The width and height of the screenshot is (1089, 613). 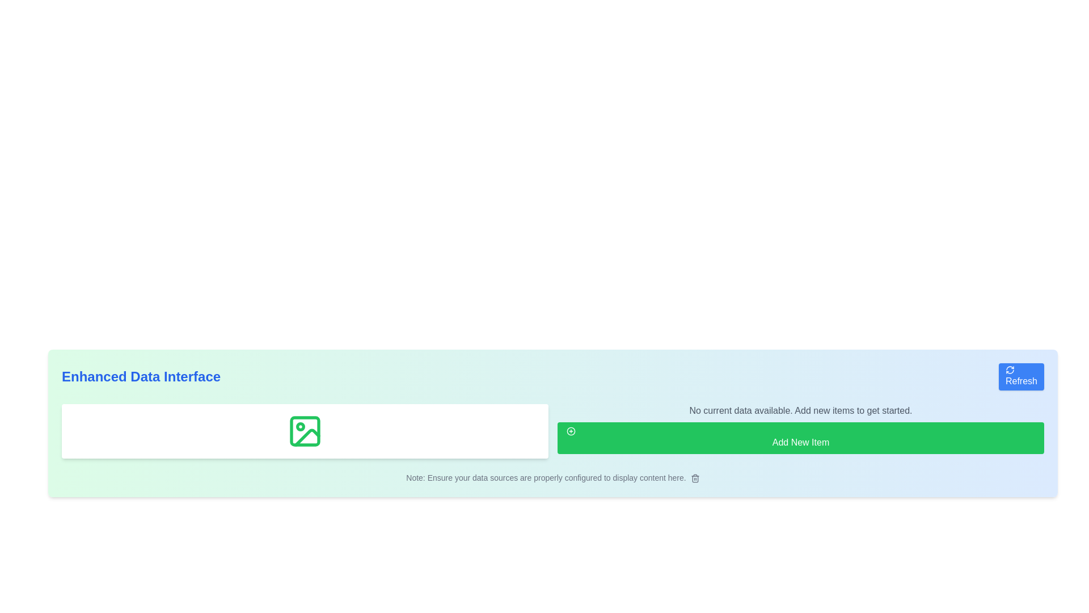 I want to click on the Icon button placeholder located at the left side of the grid under the 'Enhanced Data Interface' heading, so click(x=305, y=431).